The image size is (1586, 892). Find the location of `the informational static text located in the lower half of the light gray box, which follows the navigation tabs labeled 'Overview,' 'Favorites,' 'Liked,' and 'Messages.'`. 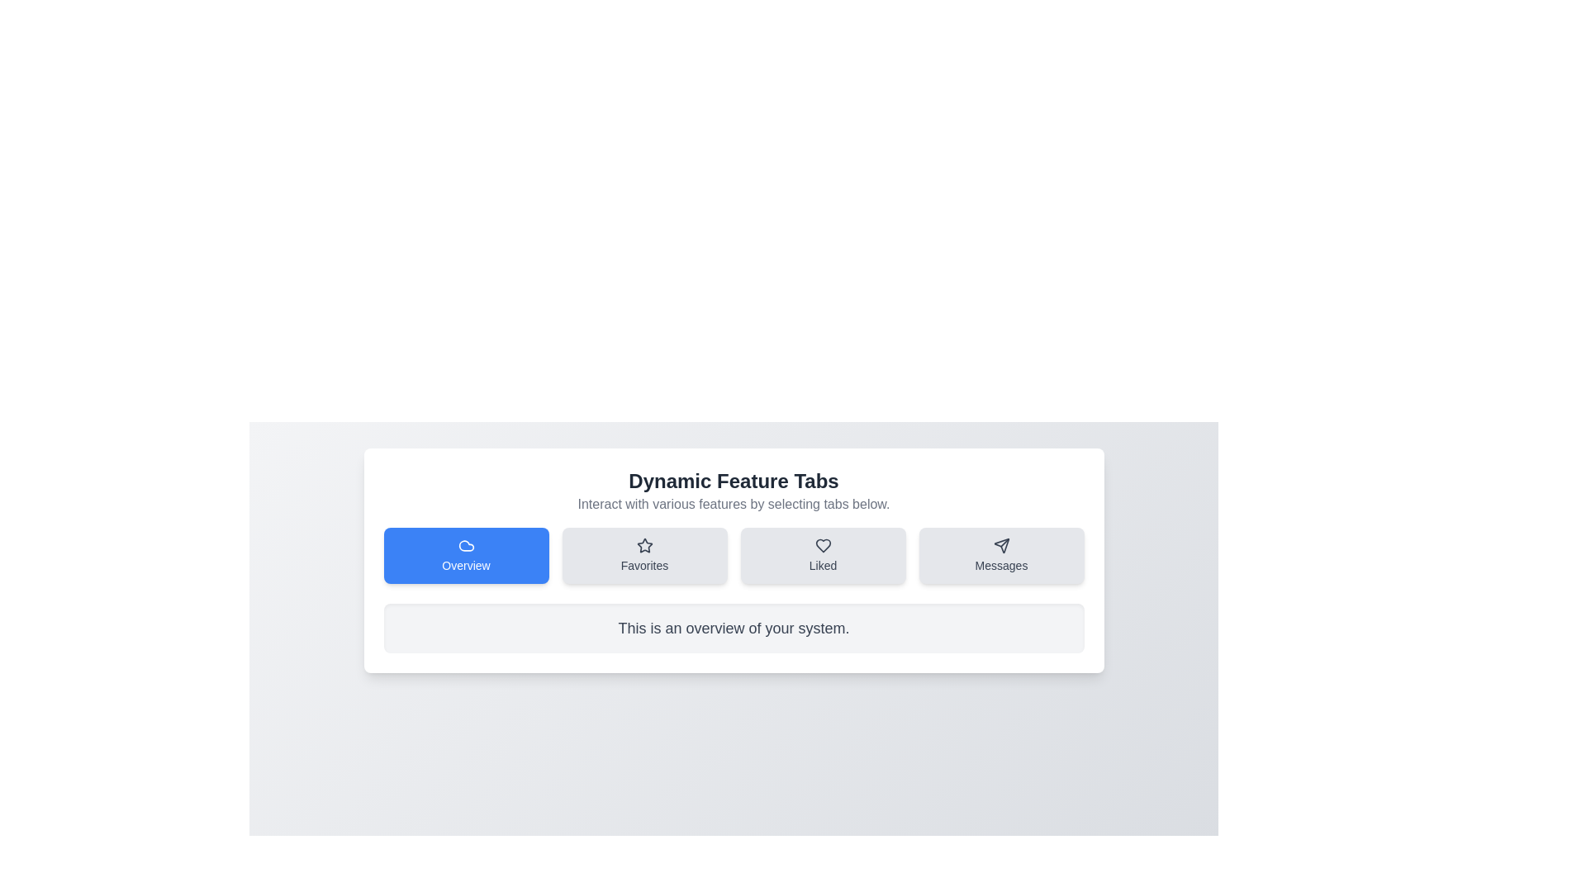

the informational static text located in the lower half of the light gray box, which follows the navigation tabs labeled 'Overview,' 'Favorites,' 'Liked,' and 'Messages.' is located at coordinates (733, 628).